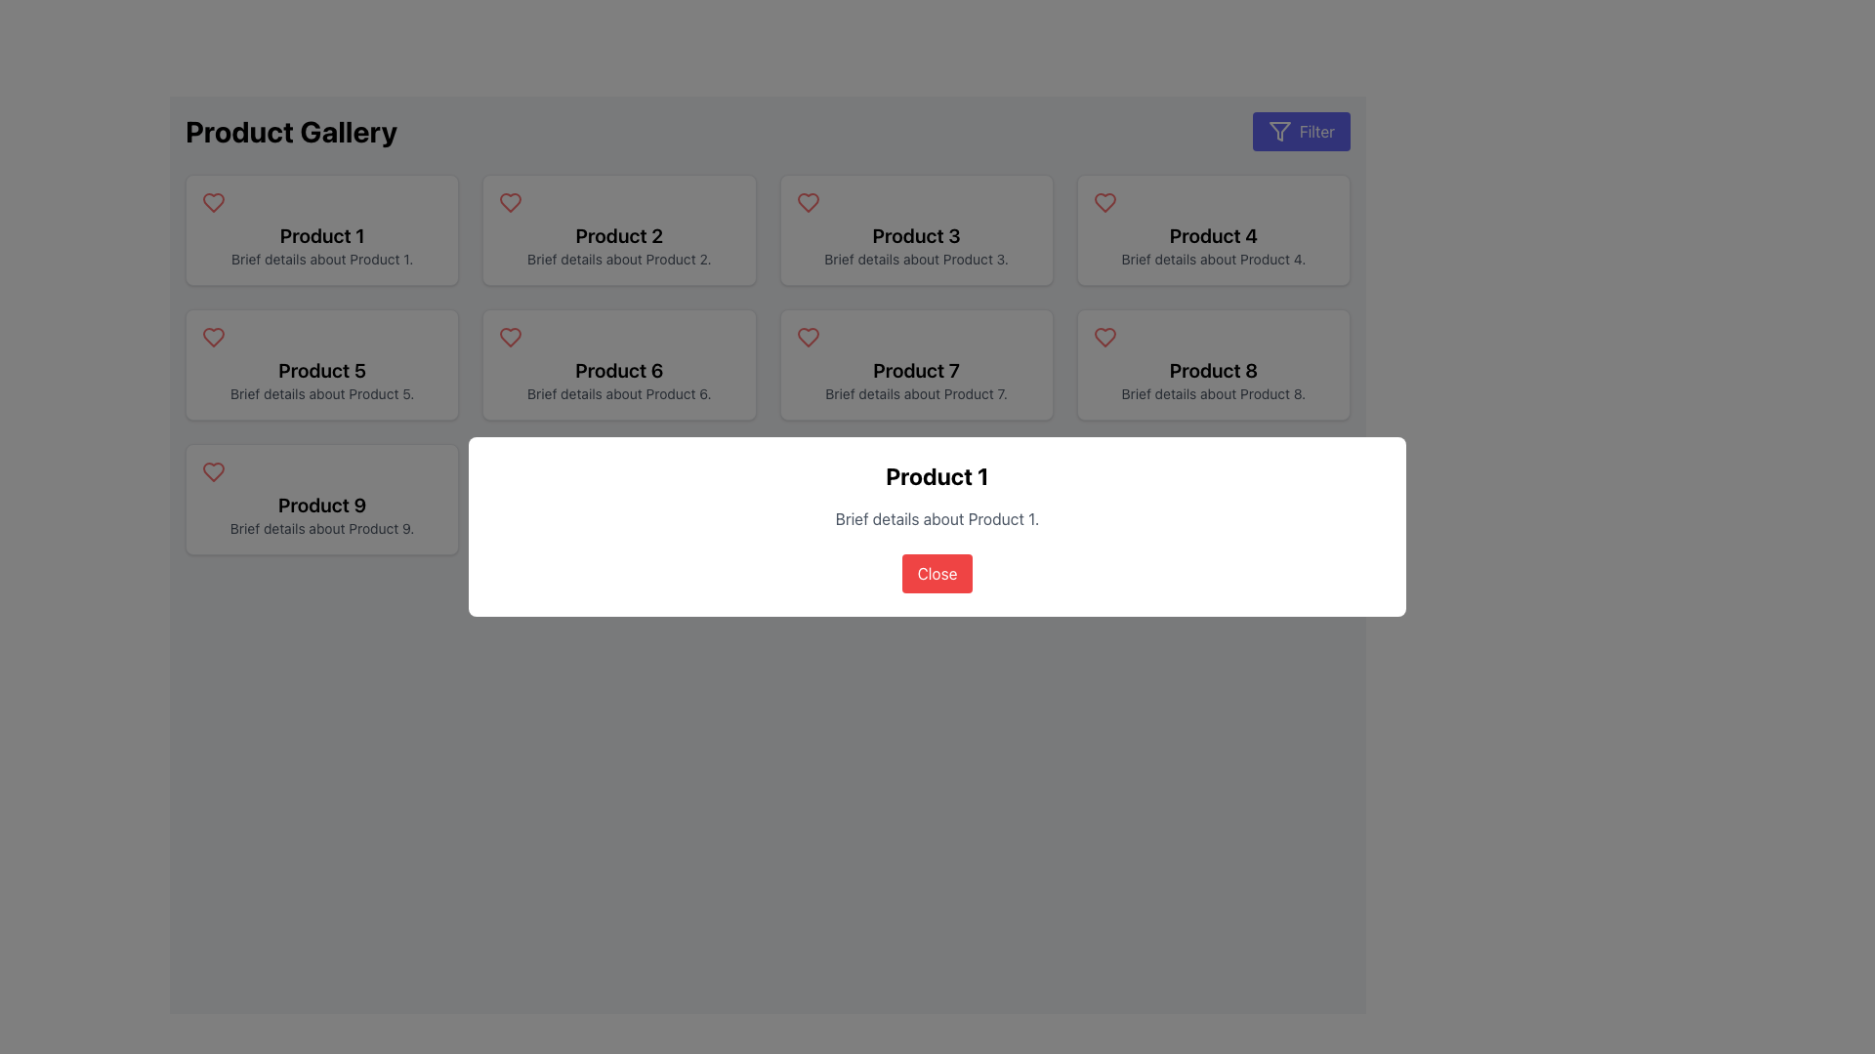 This screenshot has height=1054, width=1875. Describe the element at coordinates (214, 471) in the screenshot. I see `the heart-shaped icon with a thin red border to favorite the product located in the 'Product 9' section` at that location.